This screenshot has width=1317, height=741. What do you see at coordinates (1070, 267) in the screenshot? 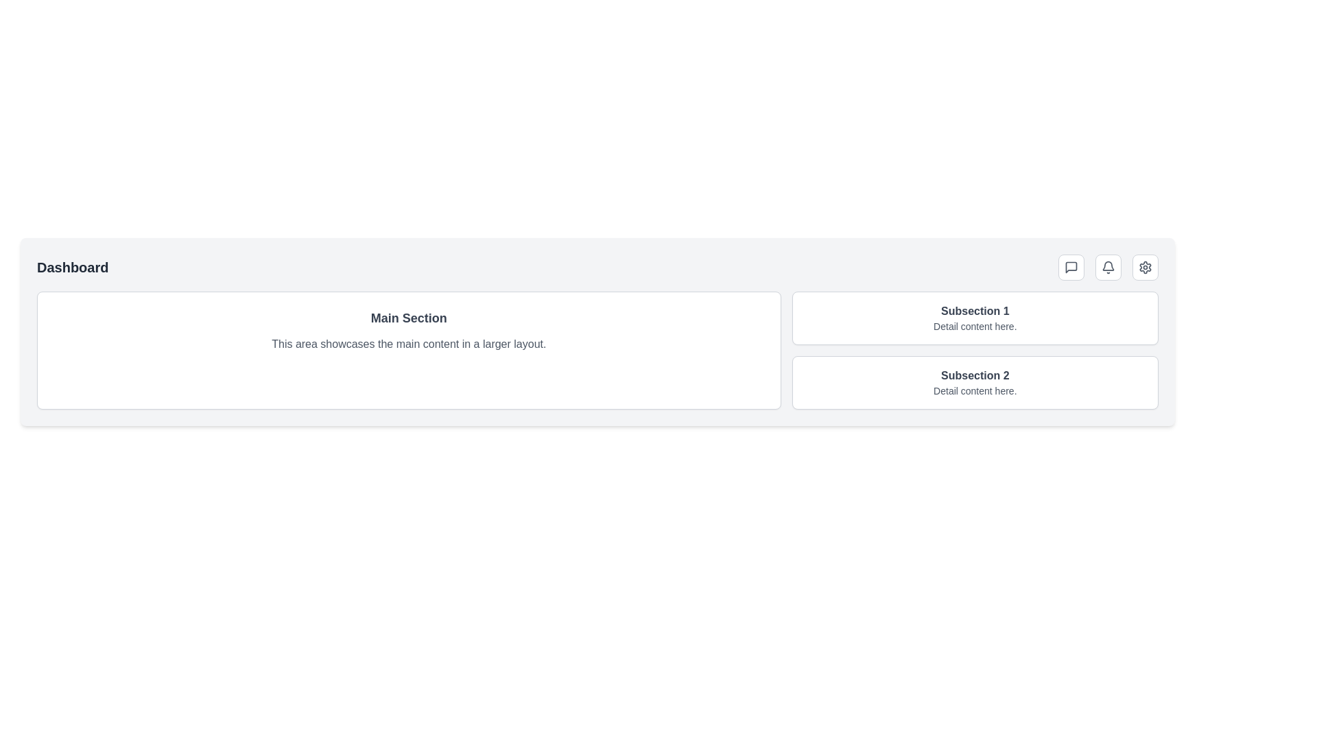
I see `the messaging icon located in the top-right corner of the interface` at bounding box center [1070, 267].